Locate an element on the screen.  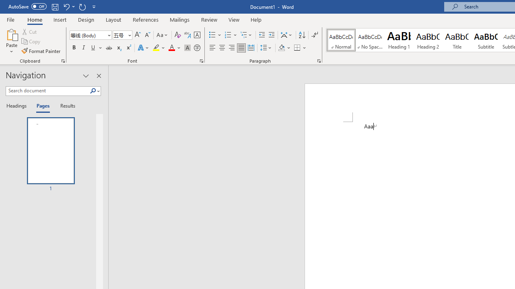
'Review' is located at coordinates (209, 19).